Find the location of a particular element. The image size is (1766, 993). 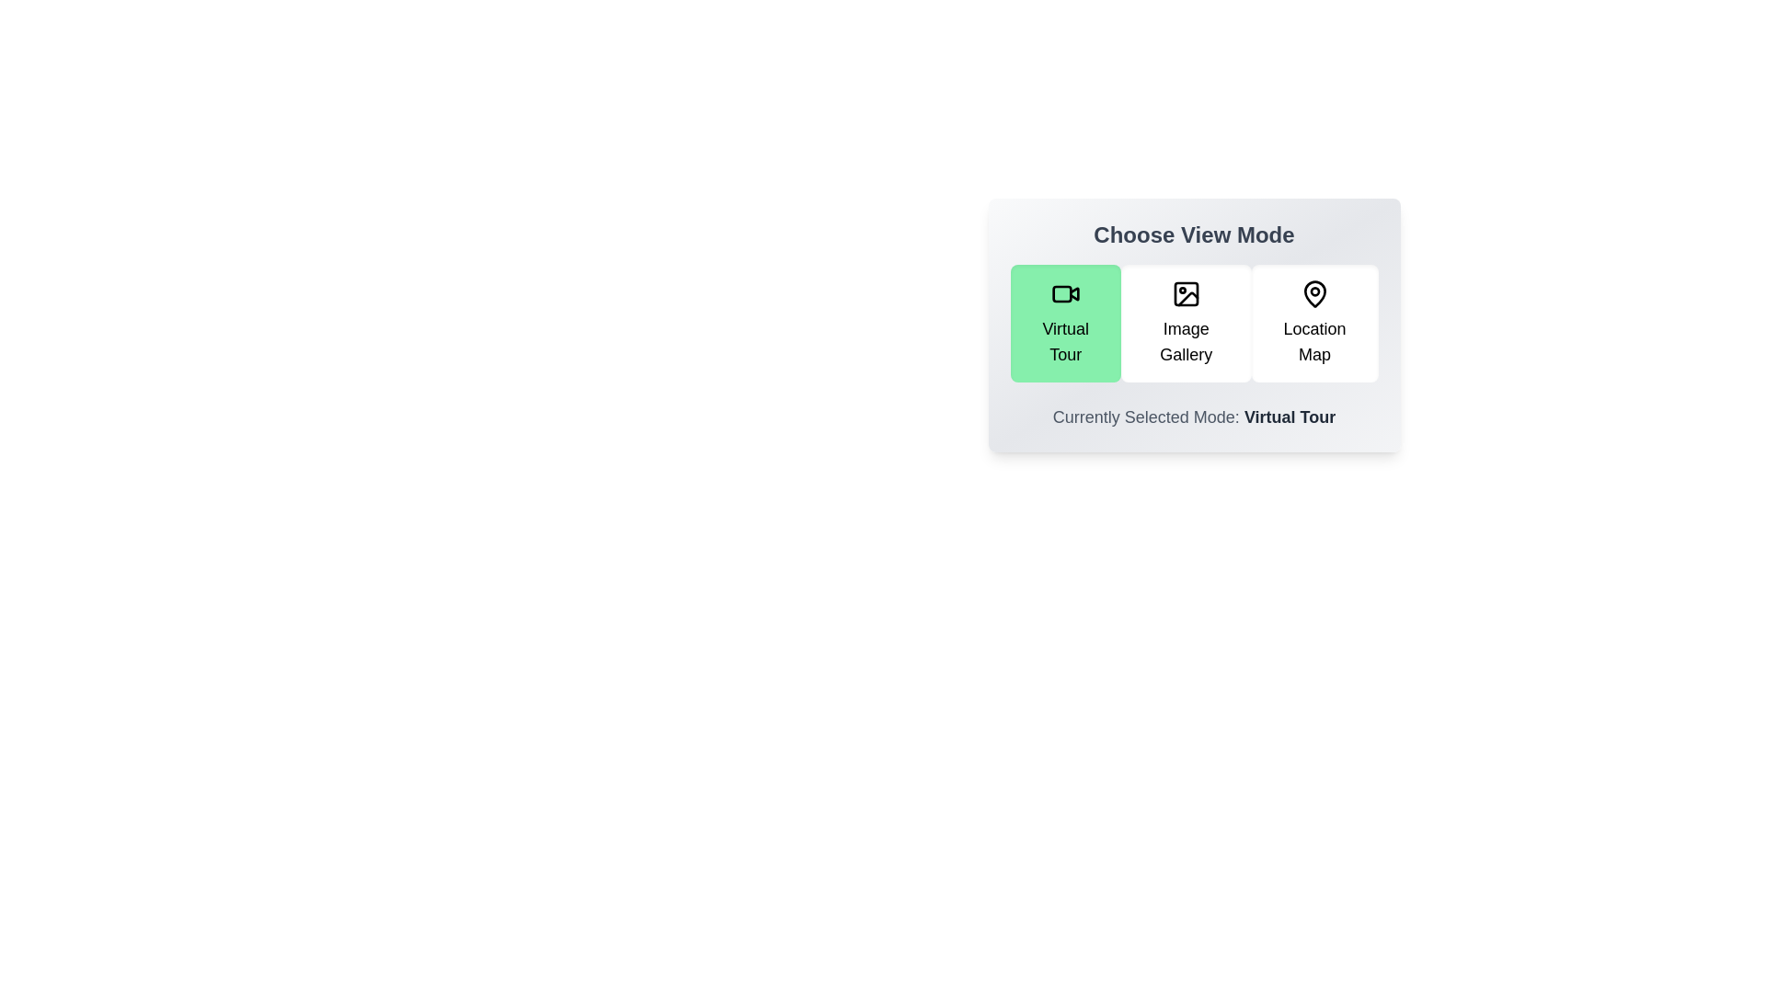

the button labeled Image Gallery is located at coordinates (1186, 322).